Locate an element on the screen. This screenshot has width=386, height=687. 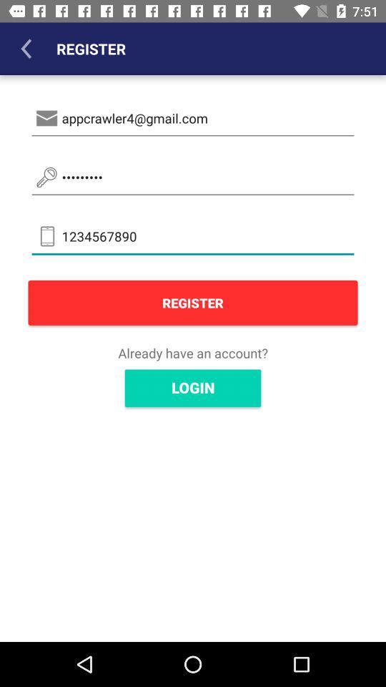
the icon below register item is located at coordinates (193, 352).